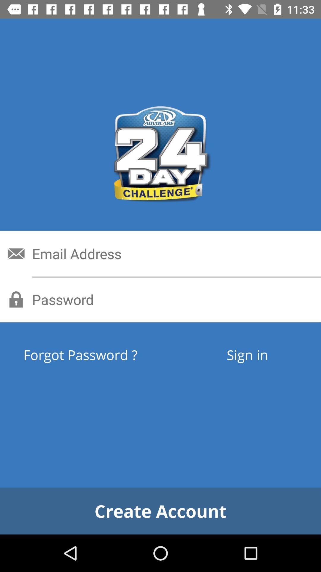  I want to click on the item to the left of sign in item, so click(102, 355).